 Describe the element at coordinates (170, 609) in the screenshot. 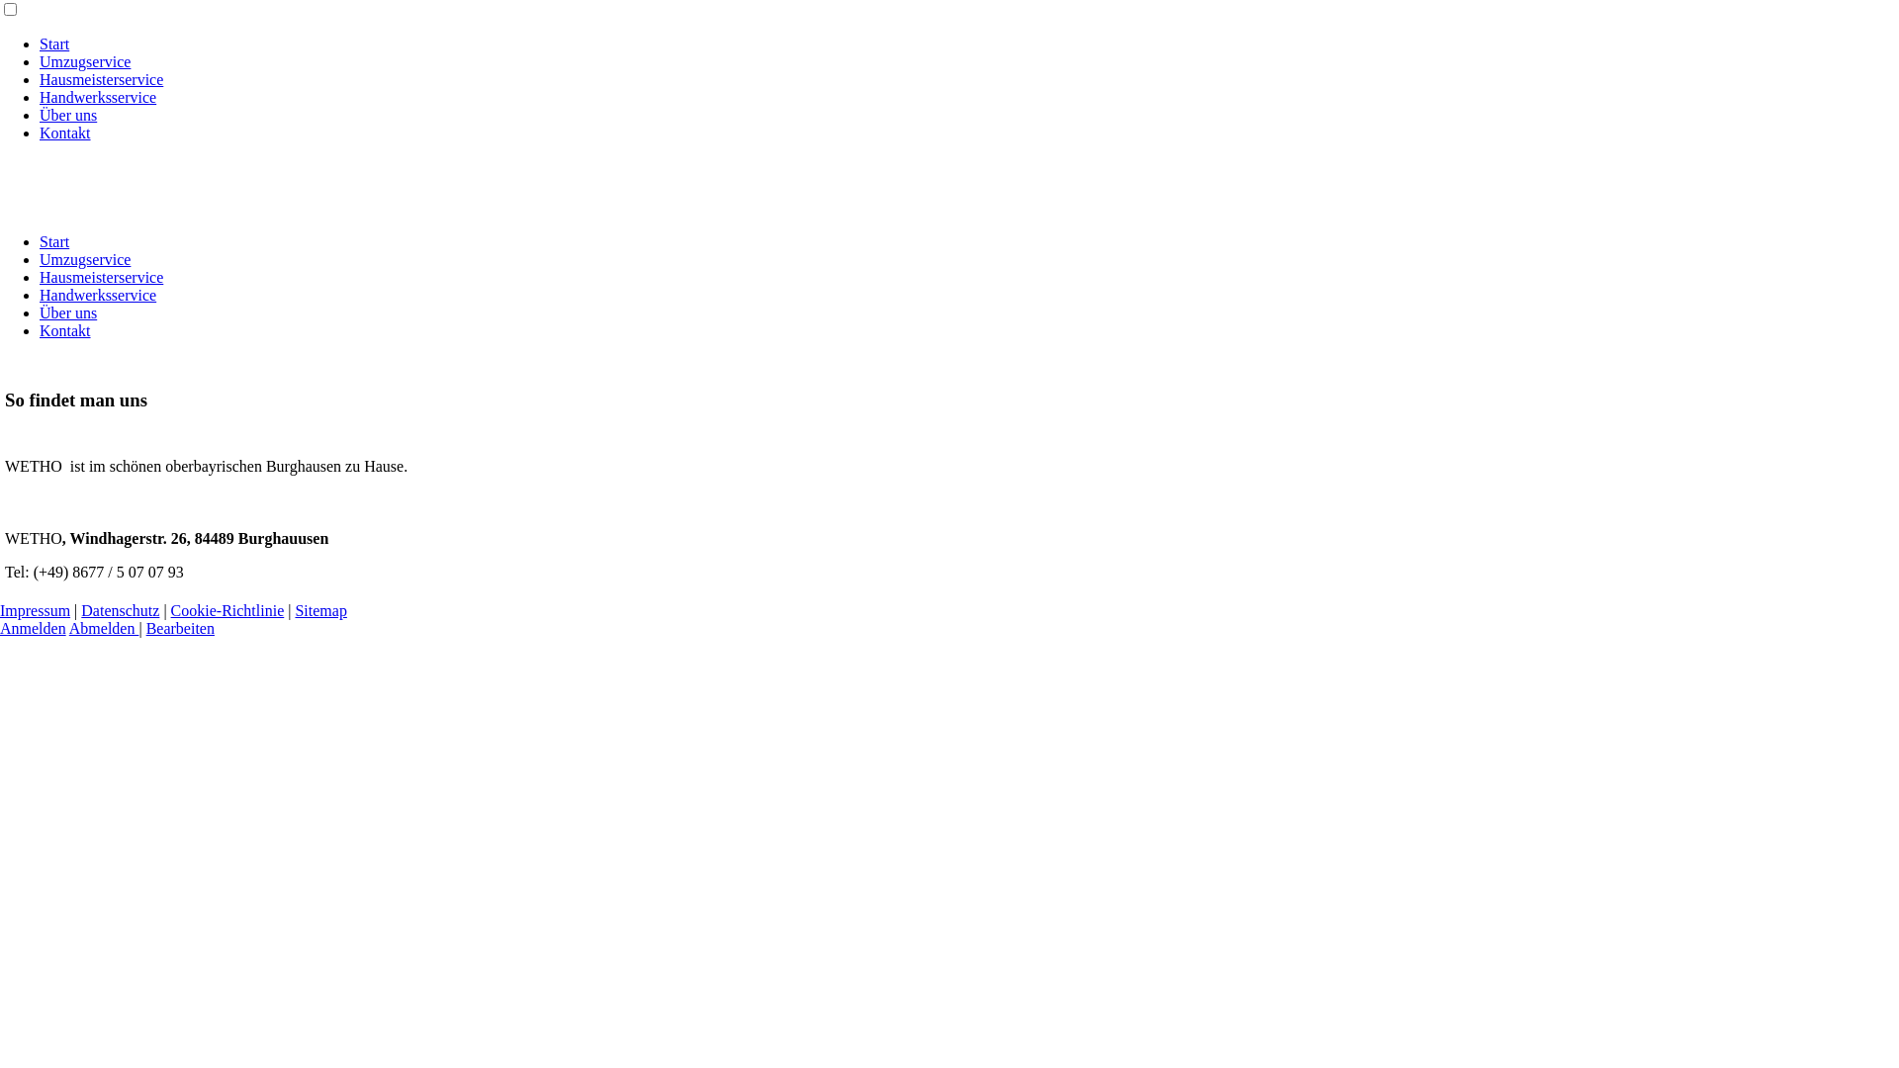

I see `'Cookie-Richtlinie'` at that location.